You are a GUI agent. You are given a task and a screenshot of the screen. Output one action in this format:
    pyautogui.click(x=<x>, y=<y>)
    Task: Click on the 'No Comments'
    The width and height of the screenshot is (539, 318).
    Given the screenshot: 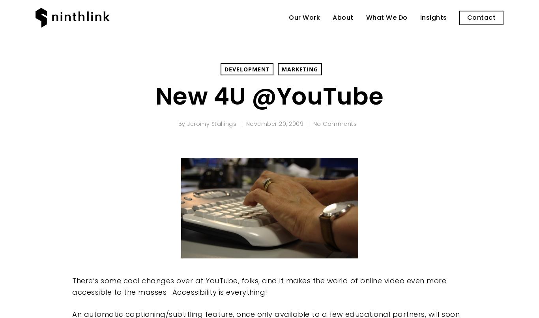 What is the action you would take?
    pyautogui.click(x=313, y=124)
    